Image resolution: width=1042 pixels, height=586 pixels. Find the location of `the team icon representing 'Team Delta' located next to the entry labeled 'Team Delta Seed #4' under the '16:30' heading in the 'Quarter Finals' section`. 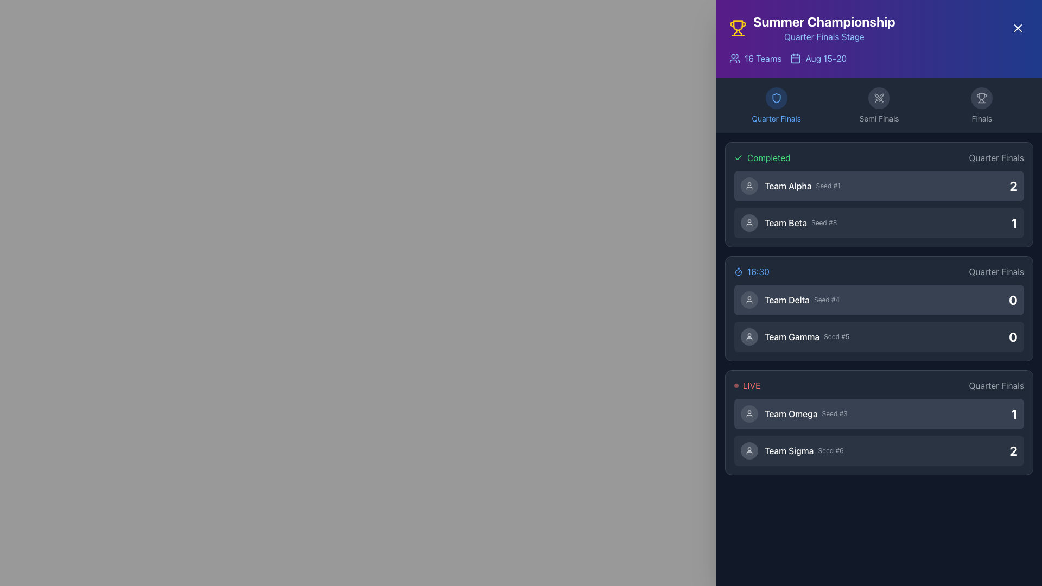

the team icon representing 'Team Delta' located next to the entry labeled 'Team Delta Seed #4' under the '16:30' heading in the 'Quarter Finals' section is located at coordinates (749, 300).